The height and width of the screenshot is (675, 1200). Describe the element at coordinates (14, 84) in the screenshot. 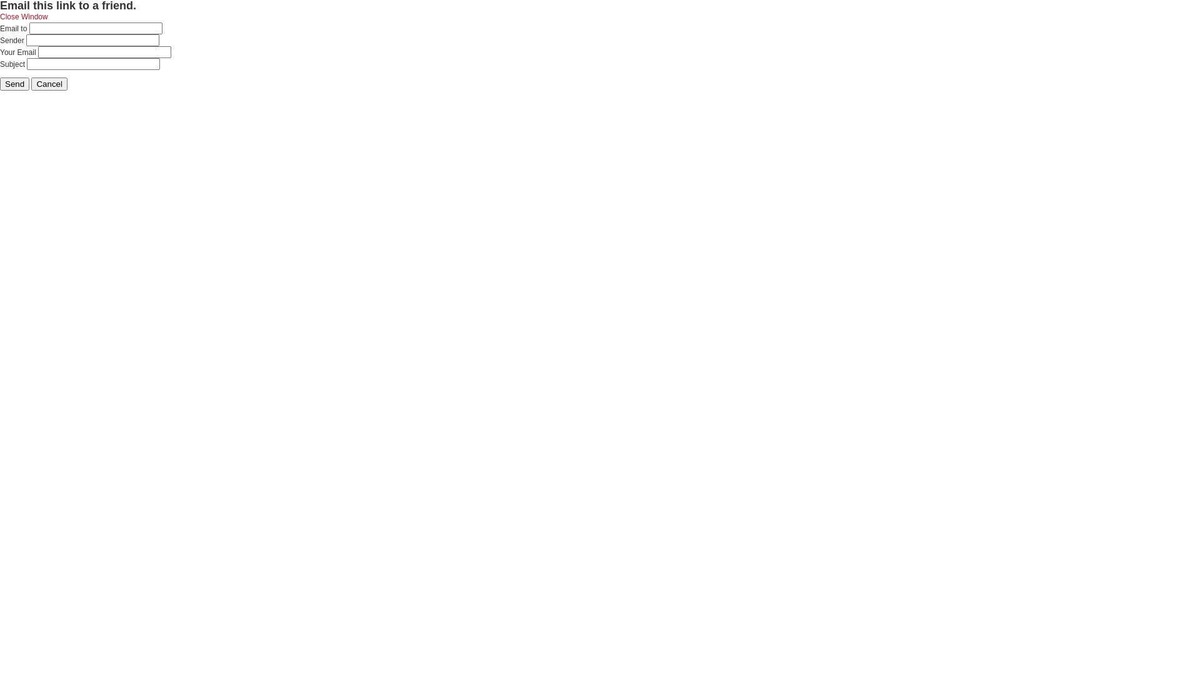

I see `'Send'` at that location.